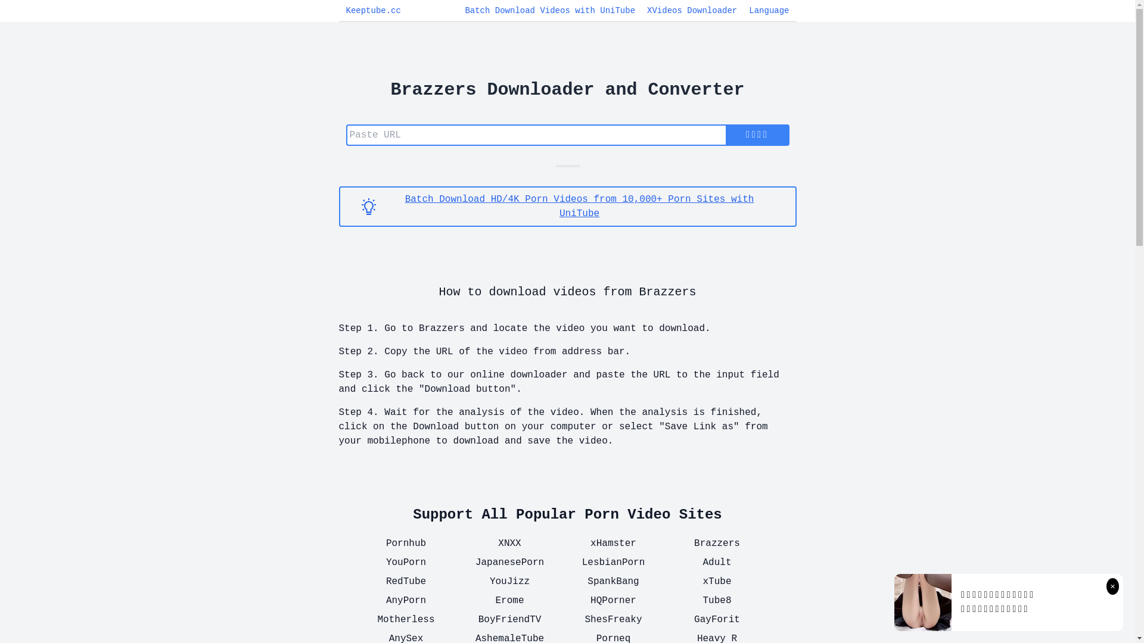  I want to click on 'AnyPorn', so click(406, 601).